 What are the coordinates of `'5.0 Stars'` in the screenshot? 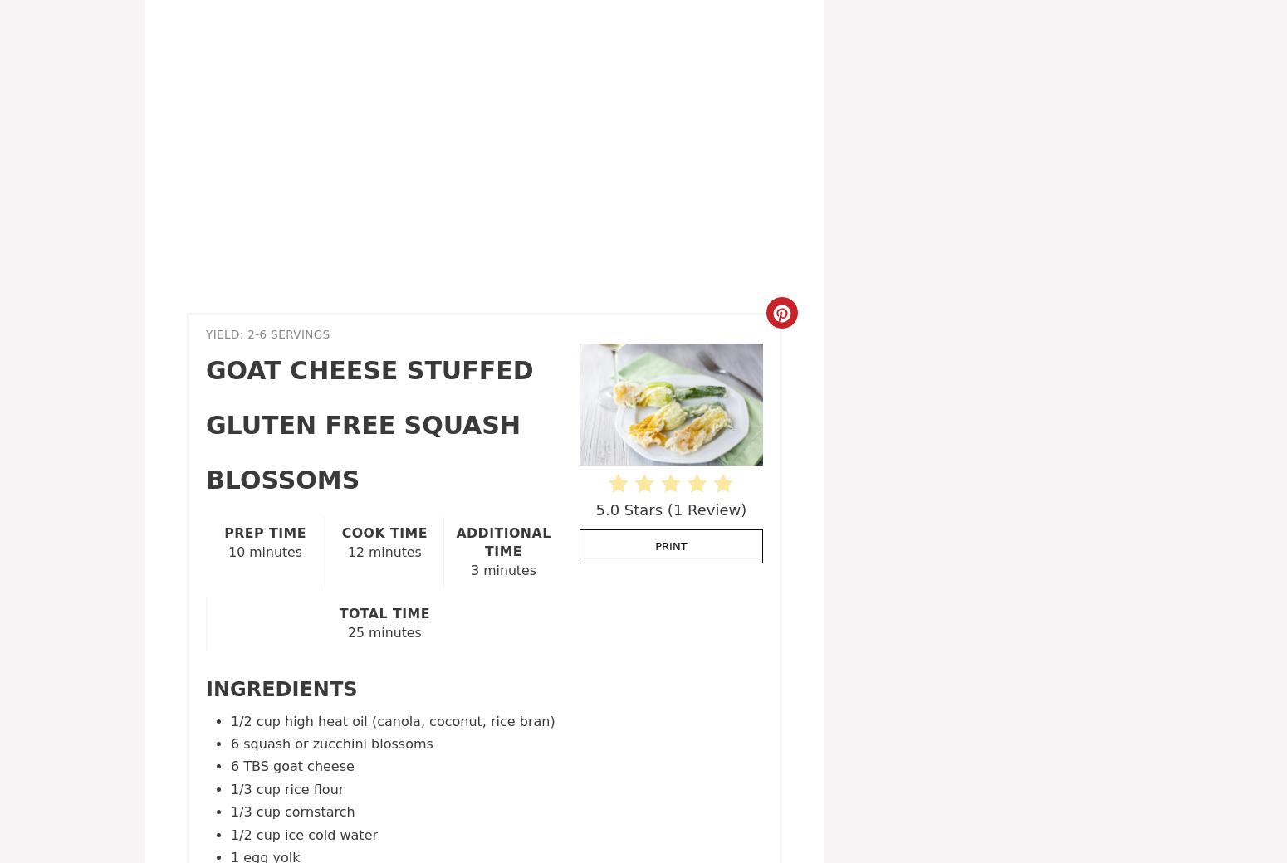 It's located at (629, 508).